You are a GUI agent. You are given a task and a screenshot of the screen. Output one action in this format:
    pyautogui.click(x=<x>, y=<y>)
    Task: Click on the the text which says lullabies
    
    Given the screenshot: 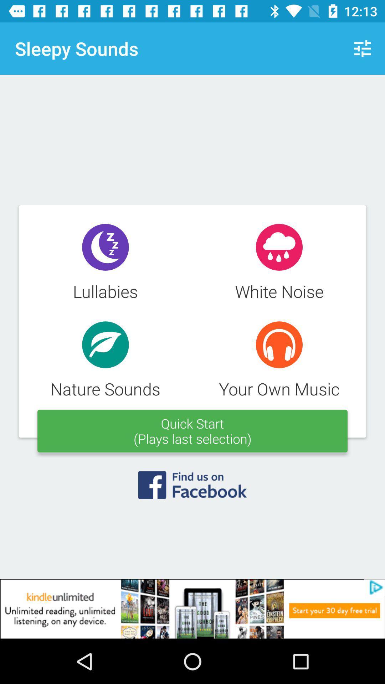 What is the action you would take?
    pyautogui.click(x=106, y=263)
    